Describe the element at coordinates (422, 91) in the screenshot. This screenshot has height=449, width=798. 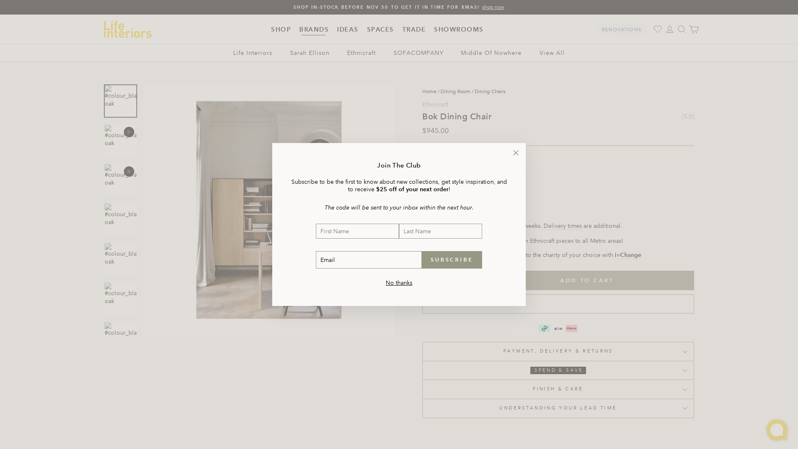
I see `'Home'` at that location.